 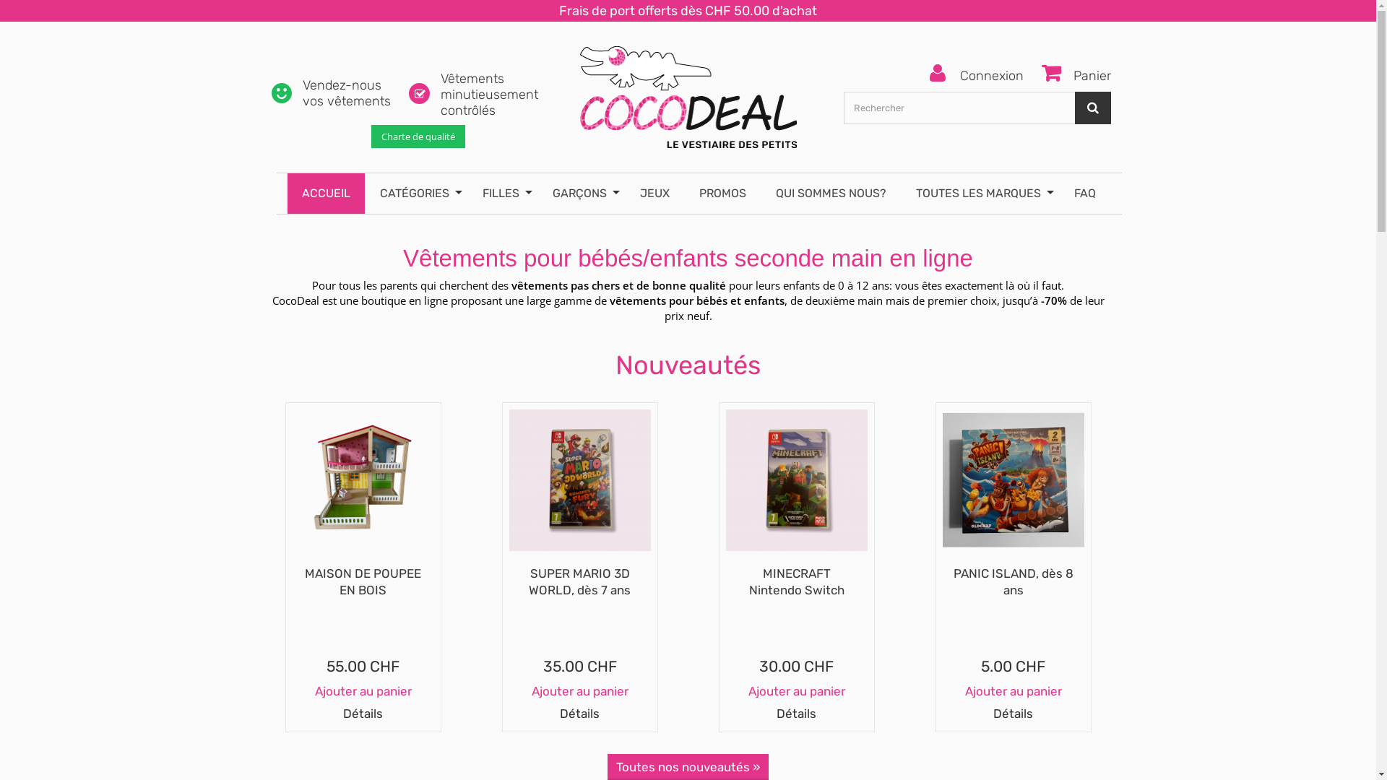 What do you see at coordinates (901, 192) in the screenshot?
I see `'TOUTES LES MARQUES'` at bounding box center [901, 192].